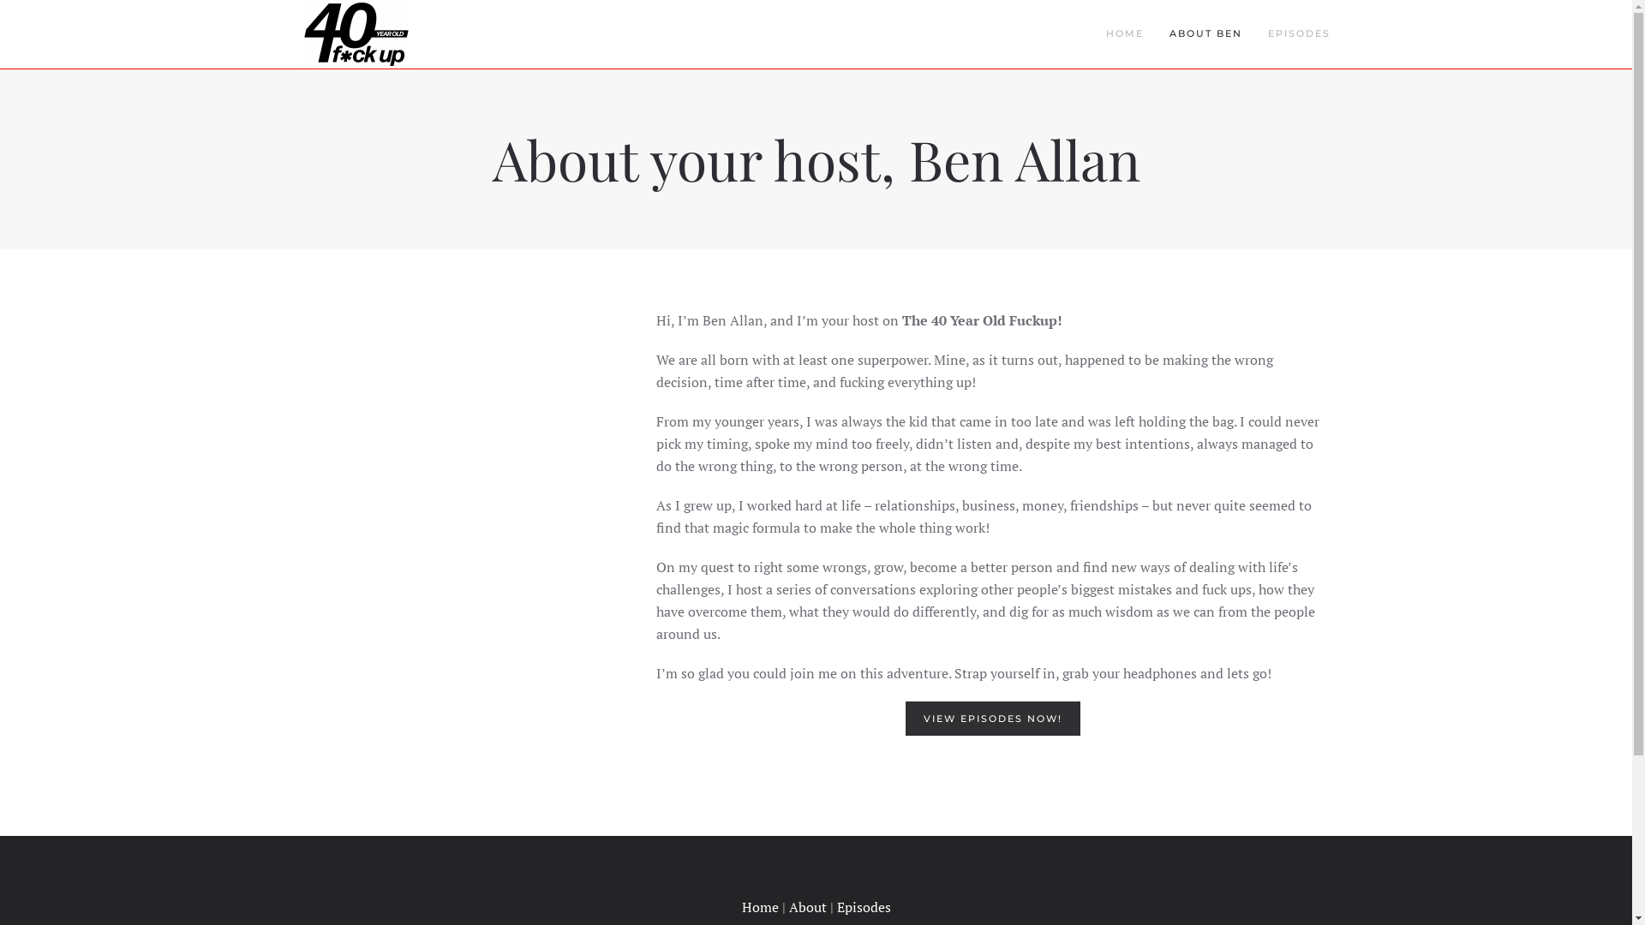 Image resolution: width=1645 pixels, height=925 pixels. I want to click on 'VIEW EPISODES NOW!', so click(992, 719).